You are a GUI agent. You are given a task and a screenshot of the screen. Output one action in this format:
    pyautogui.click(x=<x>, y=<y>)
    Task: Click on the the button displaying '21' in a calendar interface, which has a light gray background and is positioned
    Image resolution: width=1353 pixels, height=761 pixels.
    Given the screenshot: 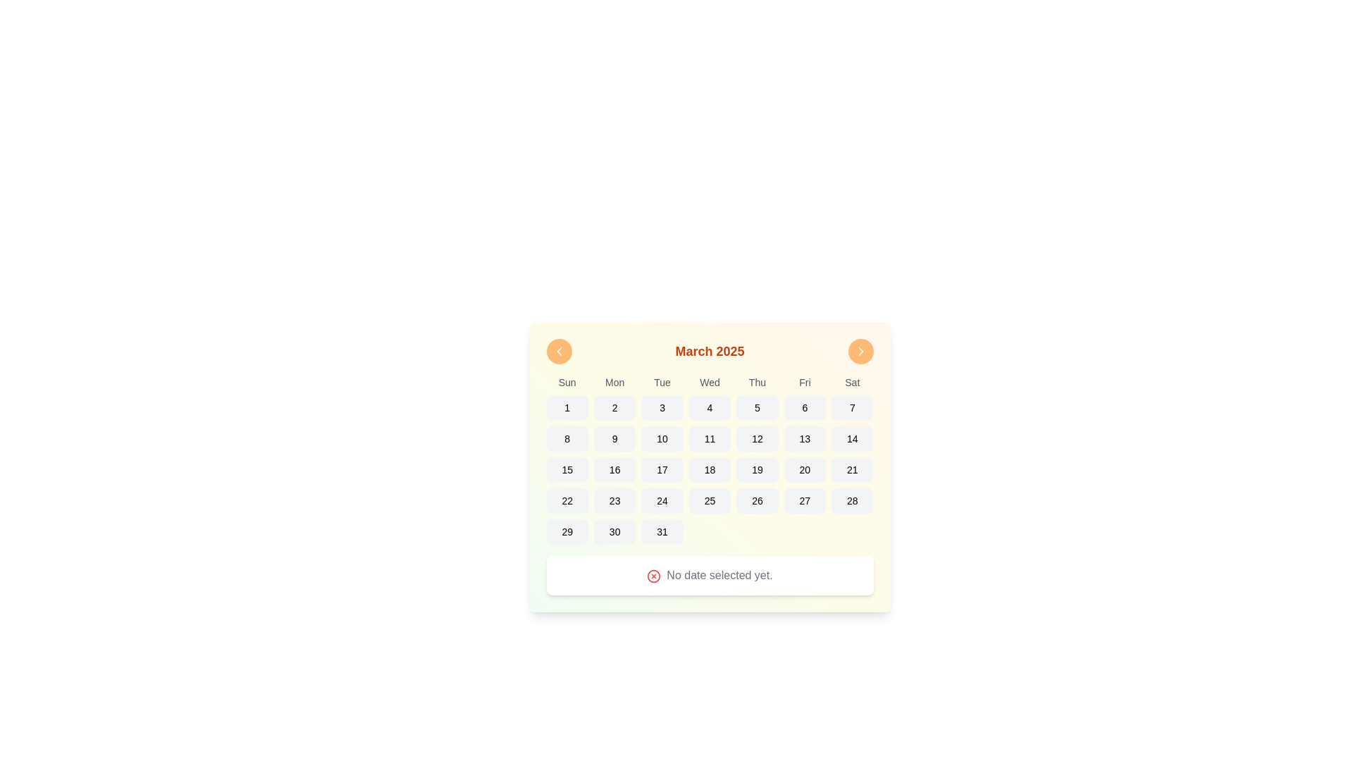 What is the action you would take?
    pyautogui.click(x=851, y=470)
    